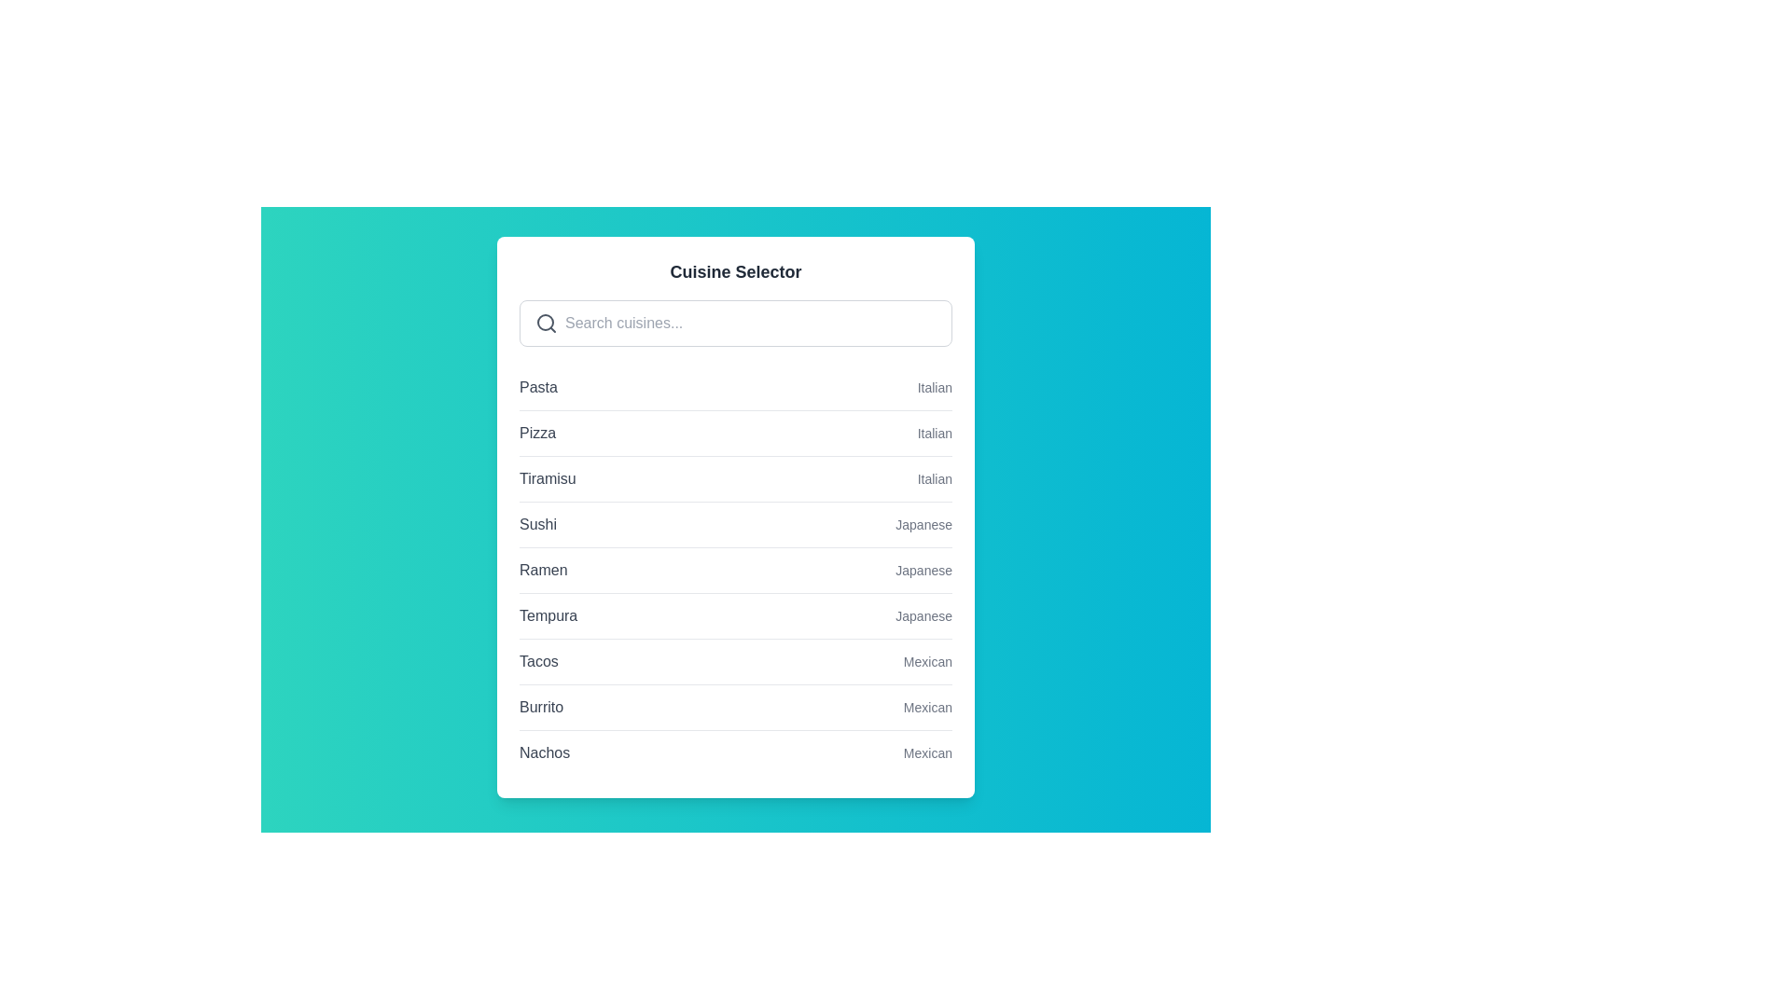 The width and height of the screenshot is (1791, 1007). What do you see at coordinates (734, 387) in the screenshot?
I see `the list item entry labeled 'Pasta'` at bounding box center [734, 387].